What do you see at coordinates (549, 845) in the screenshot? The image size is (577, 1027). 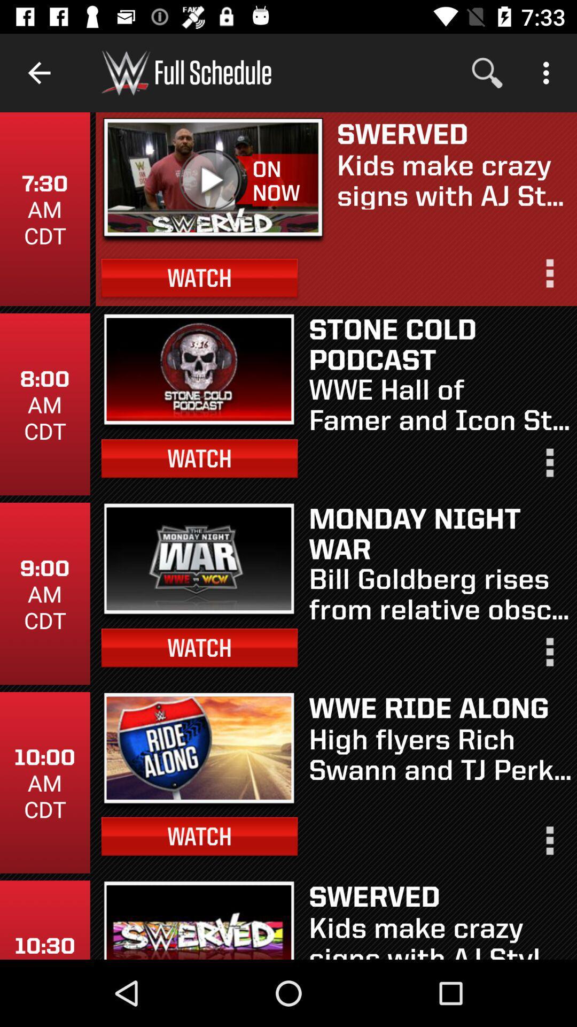 I see `show more infos` at bounding box center [549, 845].